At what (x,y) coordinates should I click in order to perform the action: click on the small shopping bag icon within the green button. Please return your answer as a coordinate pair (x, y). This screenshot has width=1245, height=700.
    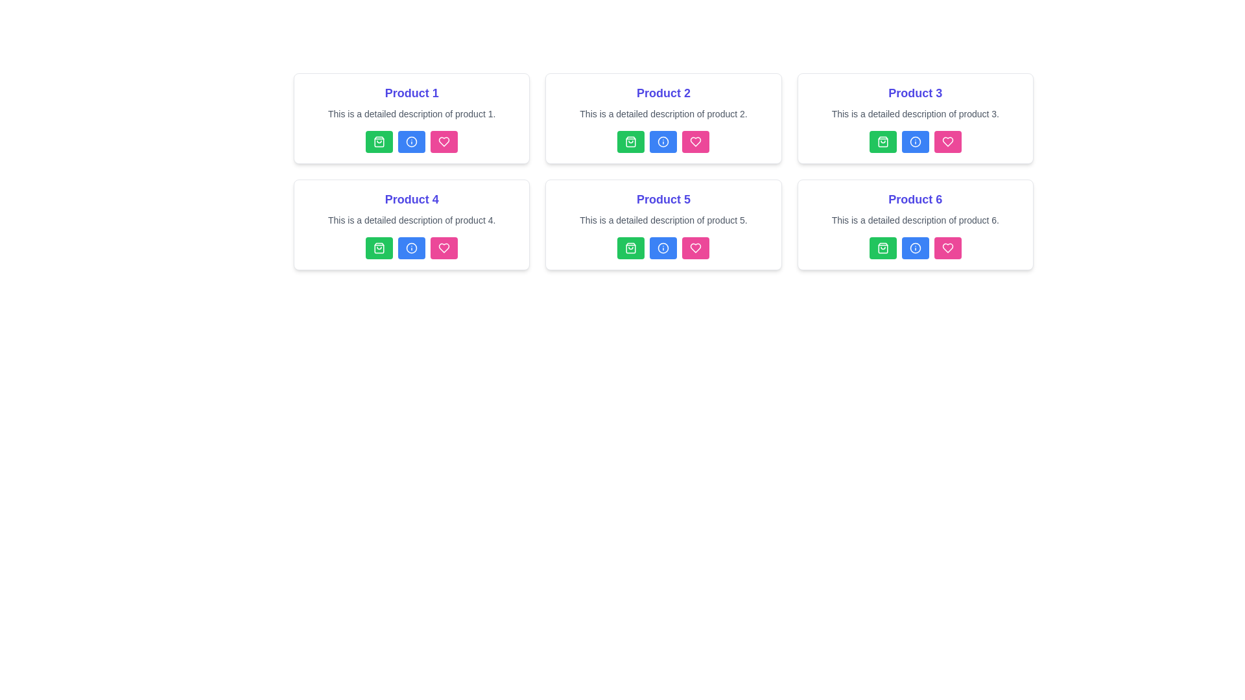
    Looking at the image, I should click on (882, 142).